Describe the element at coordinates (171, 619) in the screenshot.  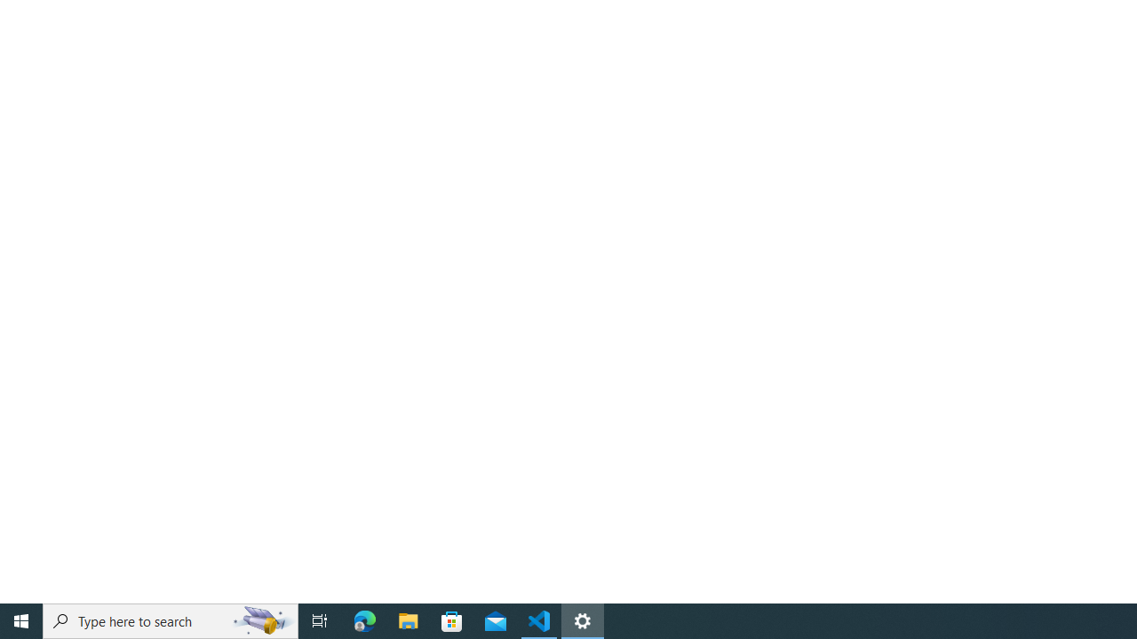
I see `'Type here to search'` at that location.